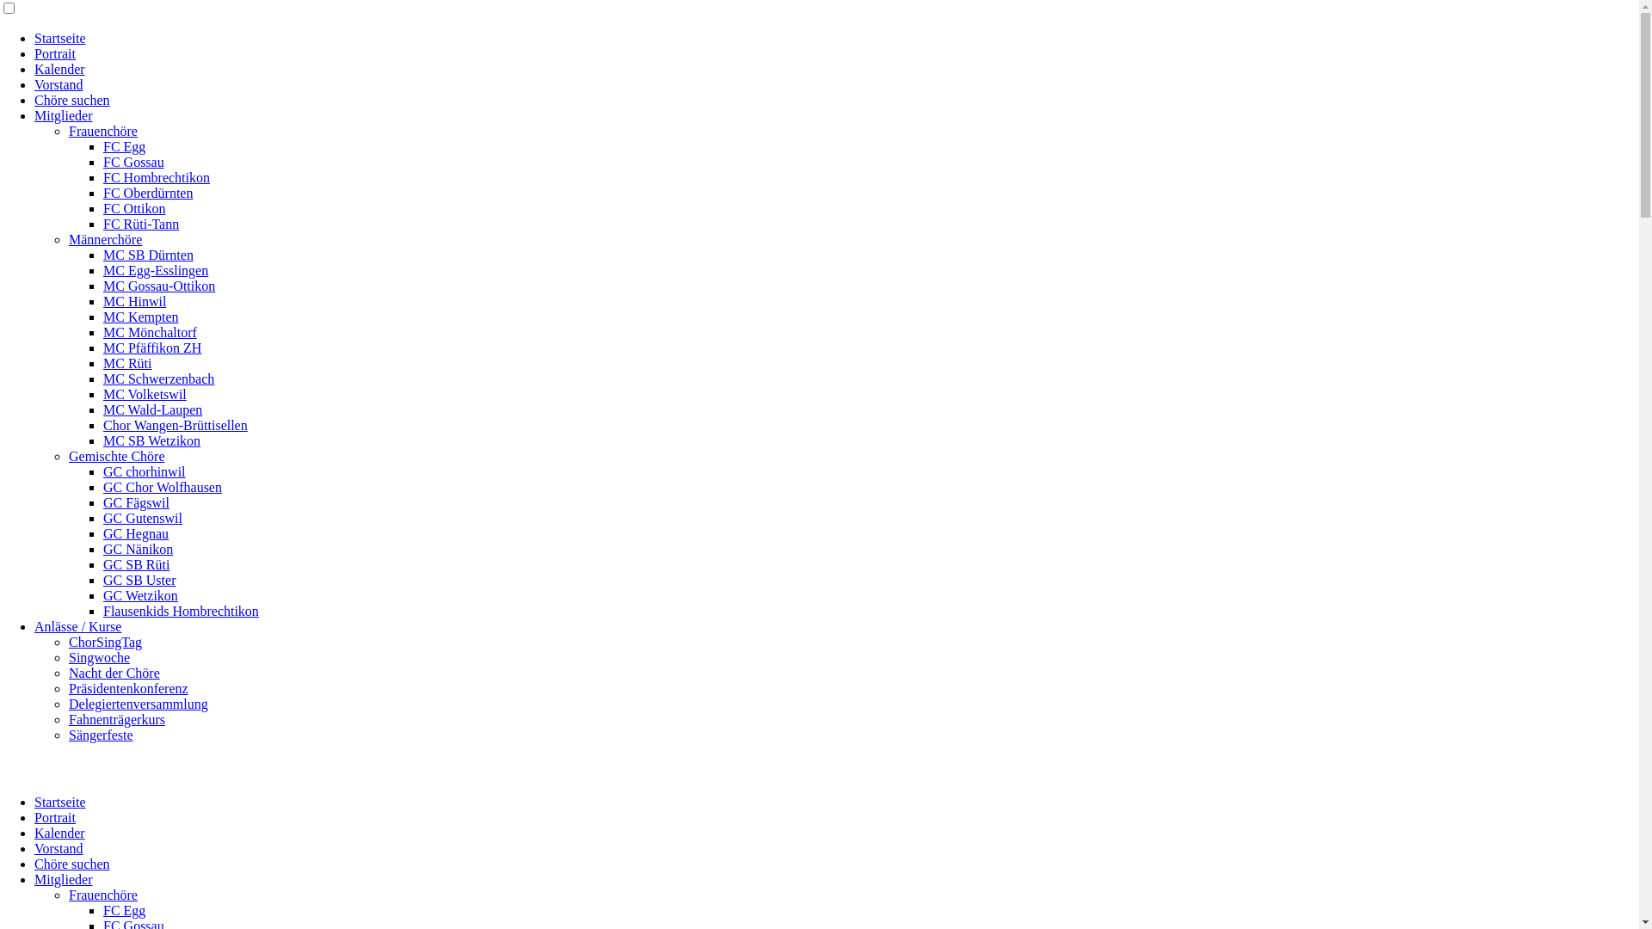 This screenshot has width=1652, height=929. Describe the element at coordinates (60, 802) in the screenshot. I see `'Startseite'` at that location.